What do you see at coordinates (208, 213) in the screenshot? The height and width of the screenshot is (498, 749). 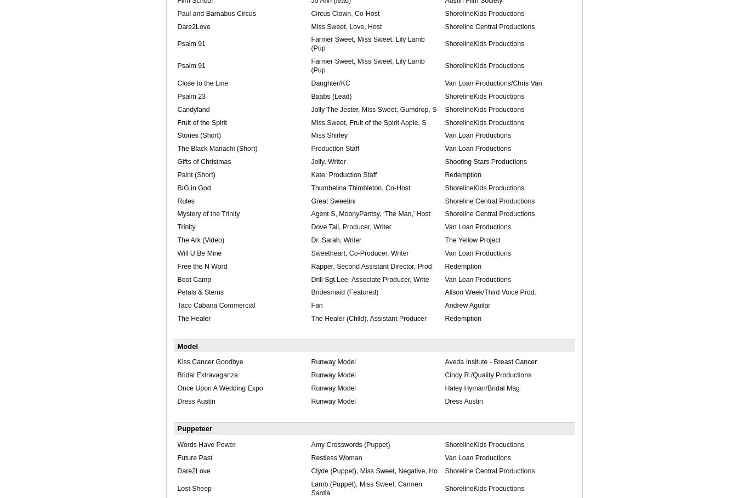 I see `'Mystery of the Trinity'` at bounding box center [208, 213].